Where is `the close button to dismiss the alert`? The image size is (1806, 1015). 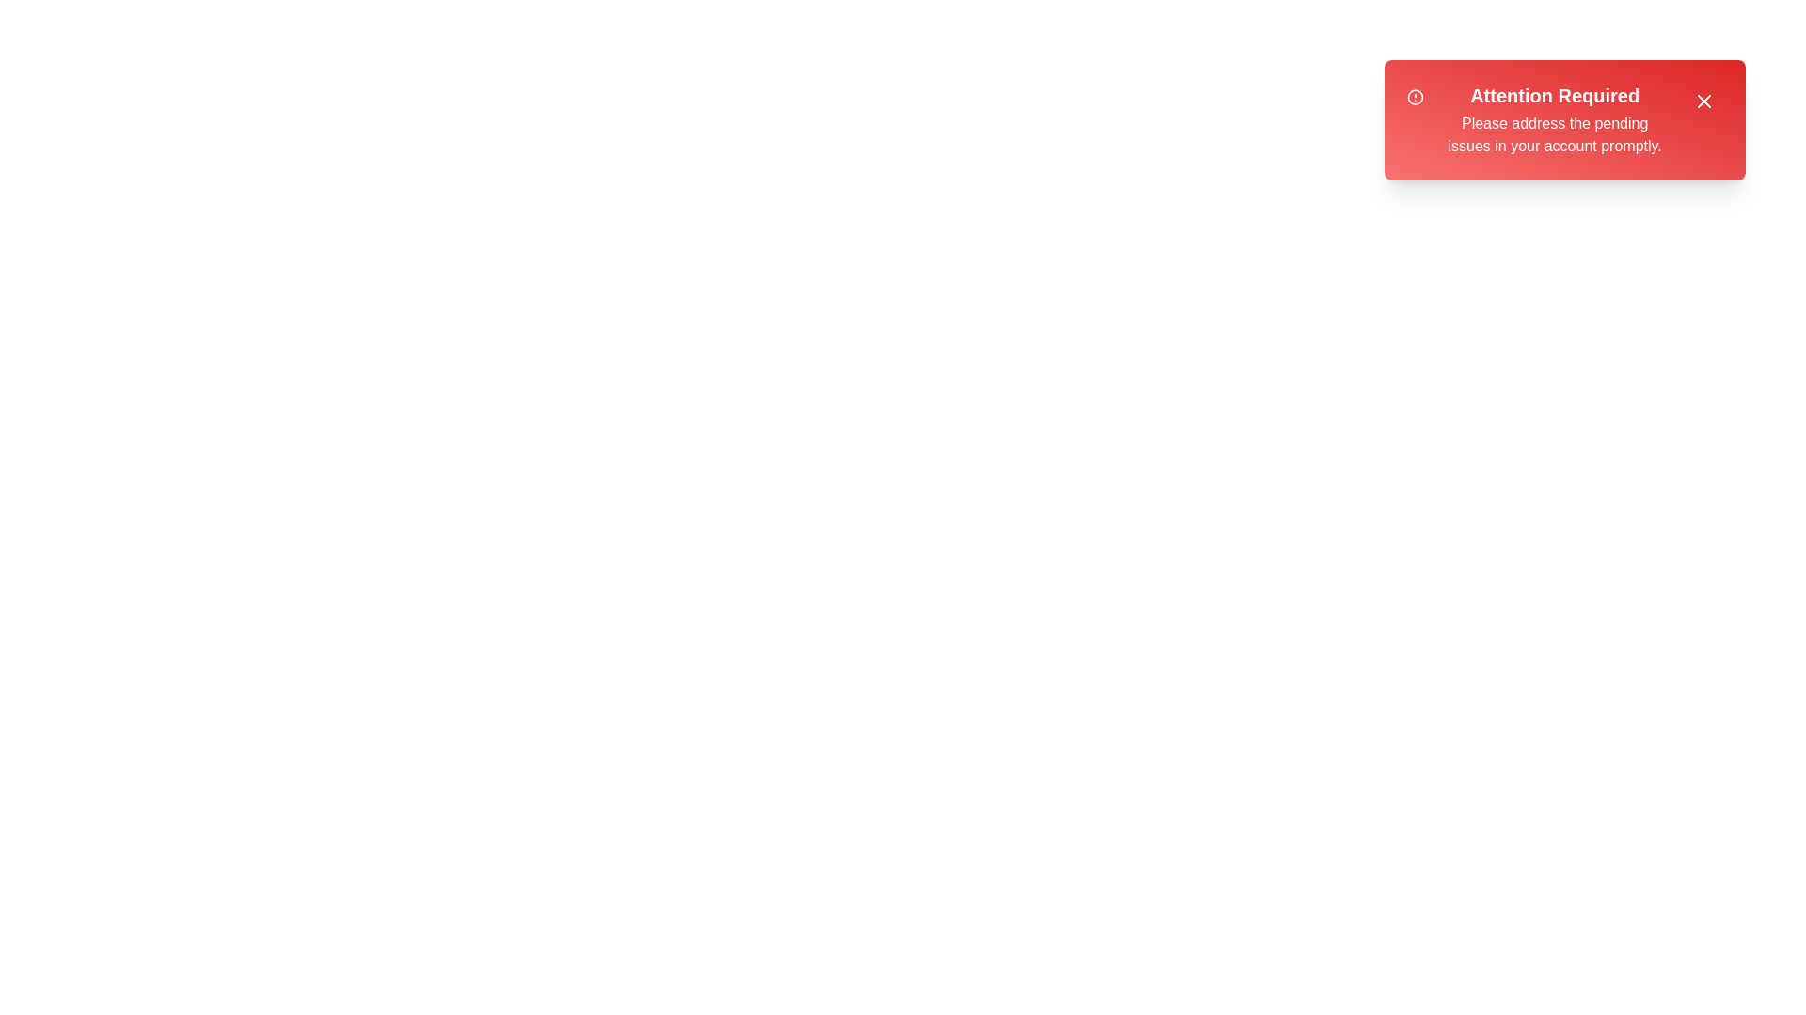
the close button to dismiss the alert is located at coordinates (1703, 101).